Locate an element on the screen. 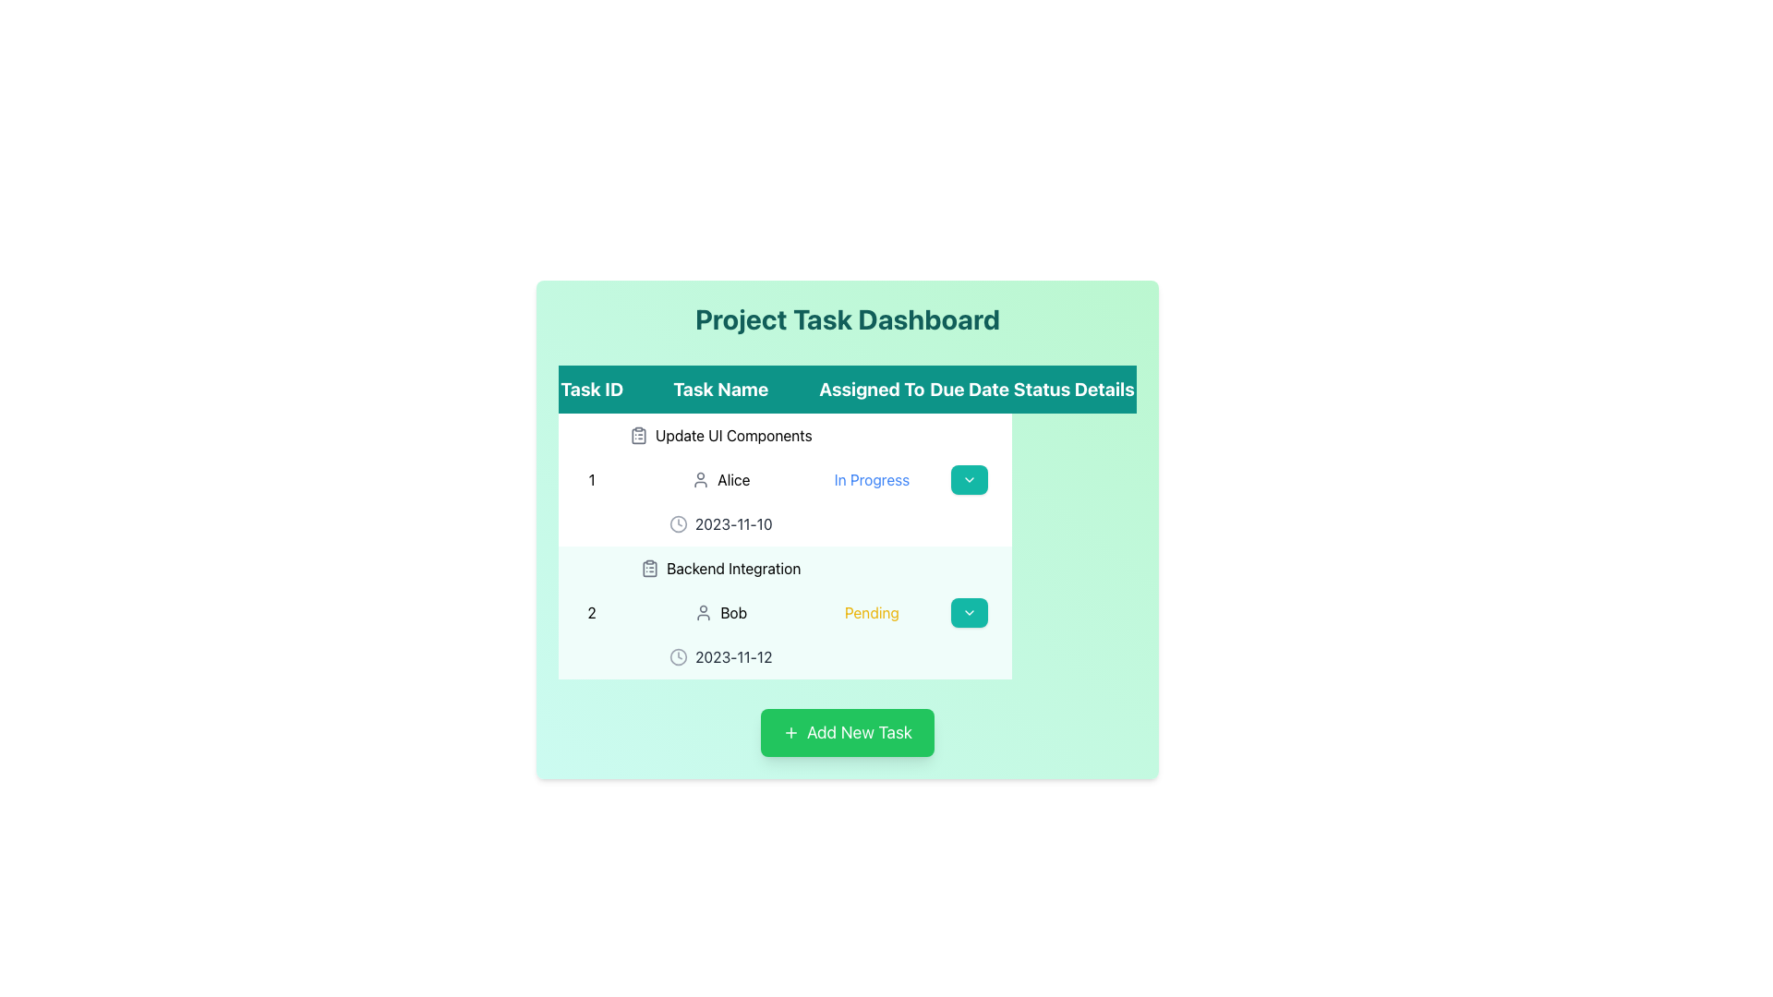  displayed information for the user 'Bob' in the User Information Display located in the second task row under the 'Assigned To' column is located at coordinates (719, 612).